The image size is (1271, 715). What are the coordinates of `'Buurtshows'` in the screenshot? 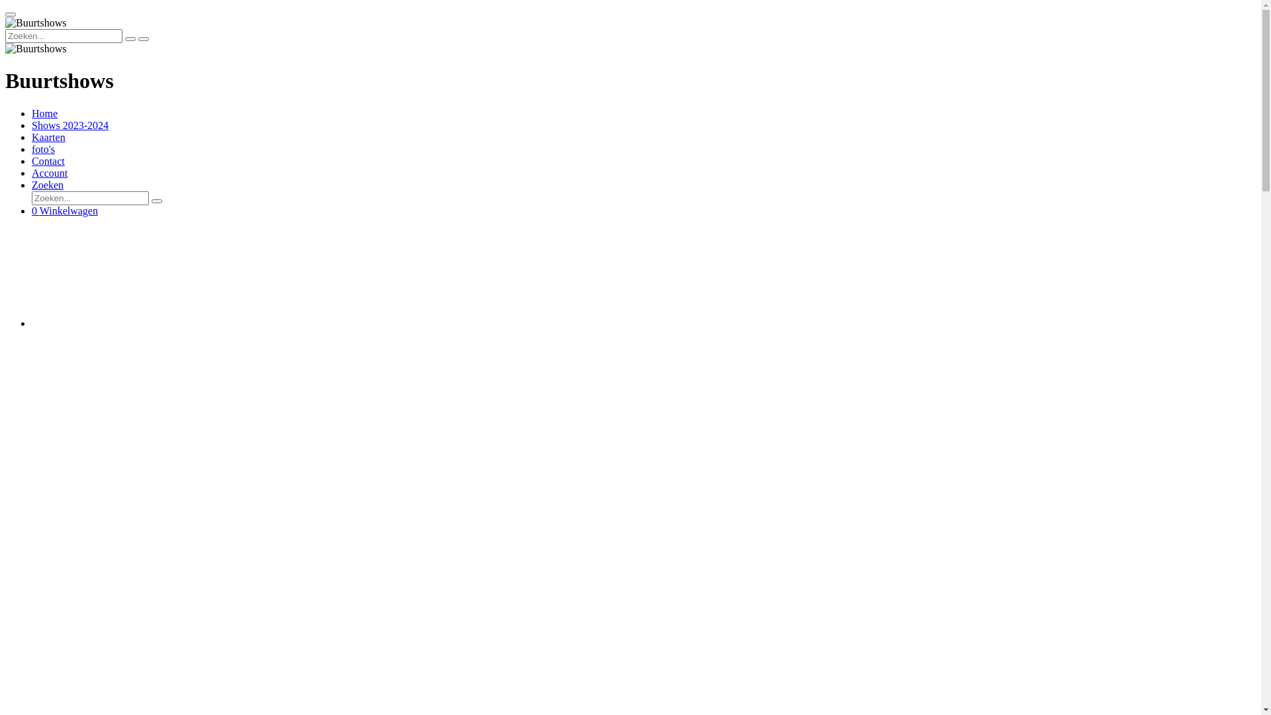 It's located at (35, 48).